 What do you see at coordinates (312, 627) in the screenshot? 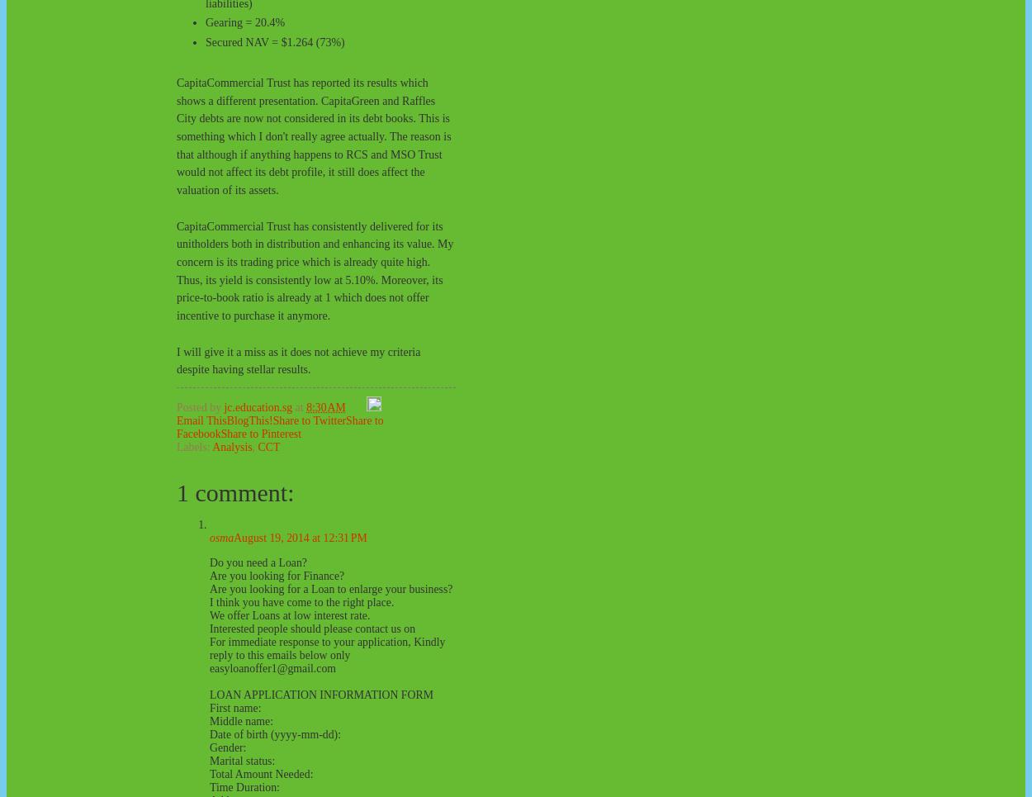
I see `'Interested people should please contact us on'` at bounding box center [312, 627].